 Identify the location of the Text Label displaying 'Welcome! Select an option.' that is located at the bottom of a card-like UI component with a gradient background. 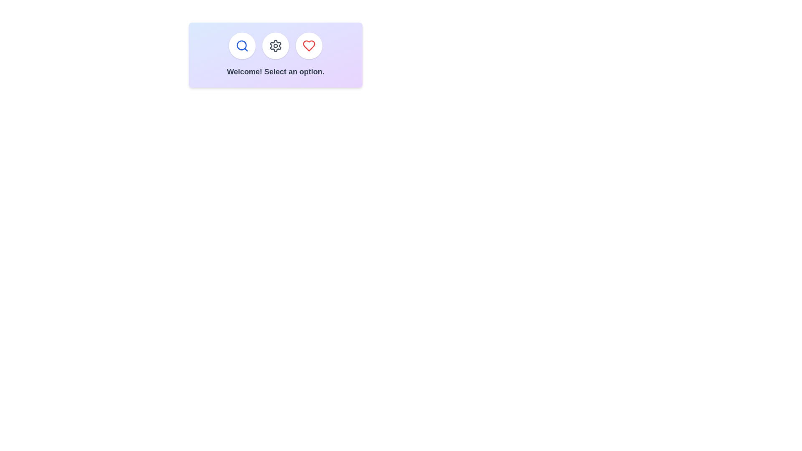
(276, 71).